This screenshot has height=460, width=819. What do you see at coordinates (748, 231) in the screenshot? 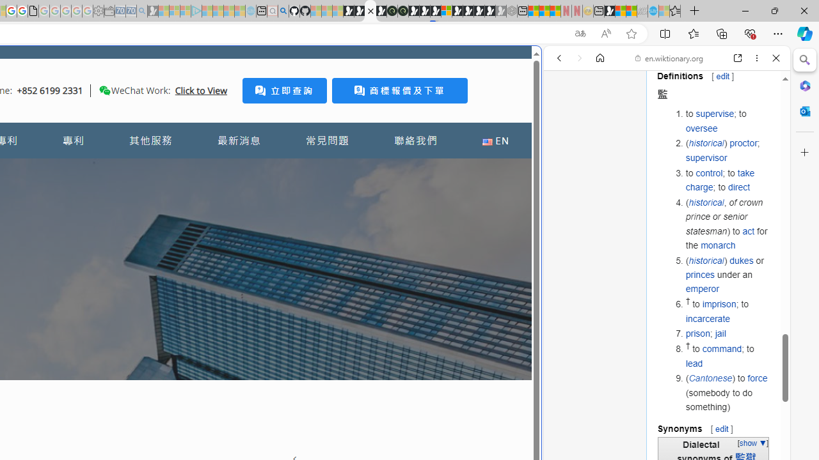
I see `'act'` at bounding box center [748, 231].